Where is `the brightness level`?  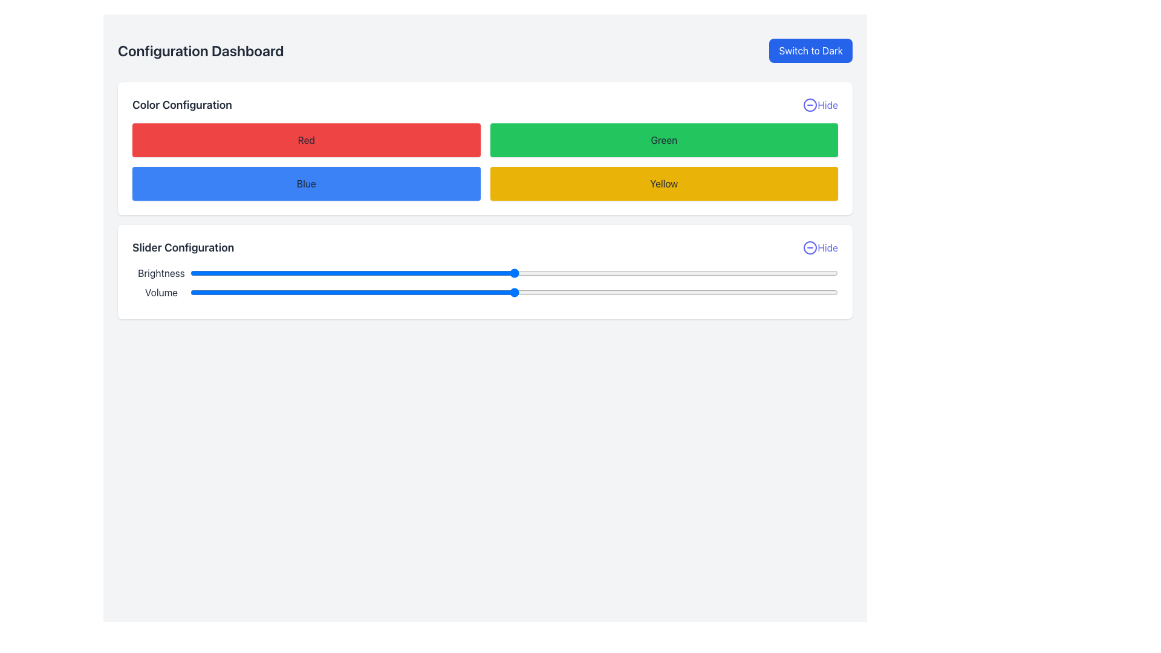
the brightness level is located at coordinates (495, 273).